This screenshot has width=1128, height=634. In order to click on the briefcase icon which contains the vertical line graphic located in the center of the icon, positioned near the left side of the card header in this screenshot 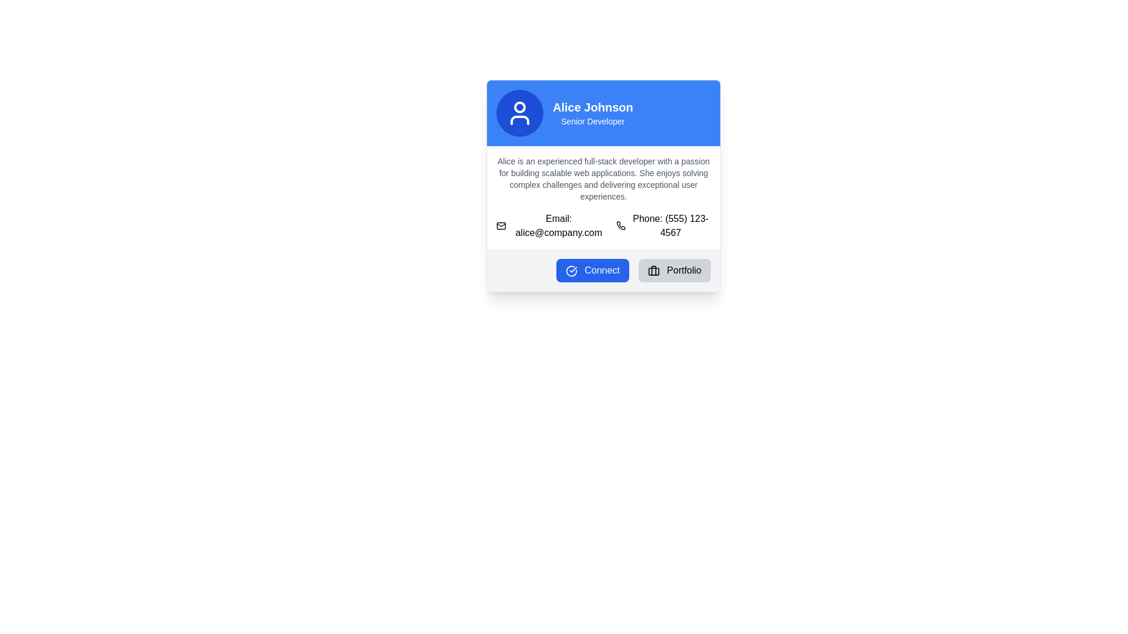, I will do `click(653, 270)`.